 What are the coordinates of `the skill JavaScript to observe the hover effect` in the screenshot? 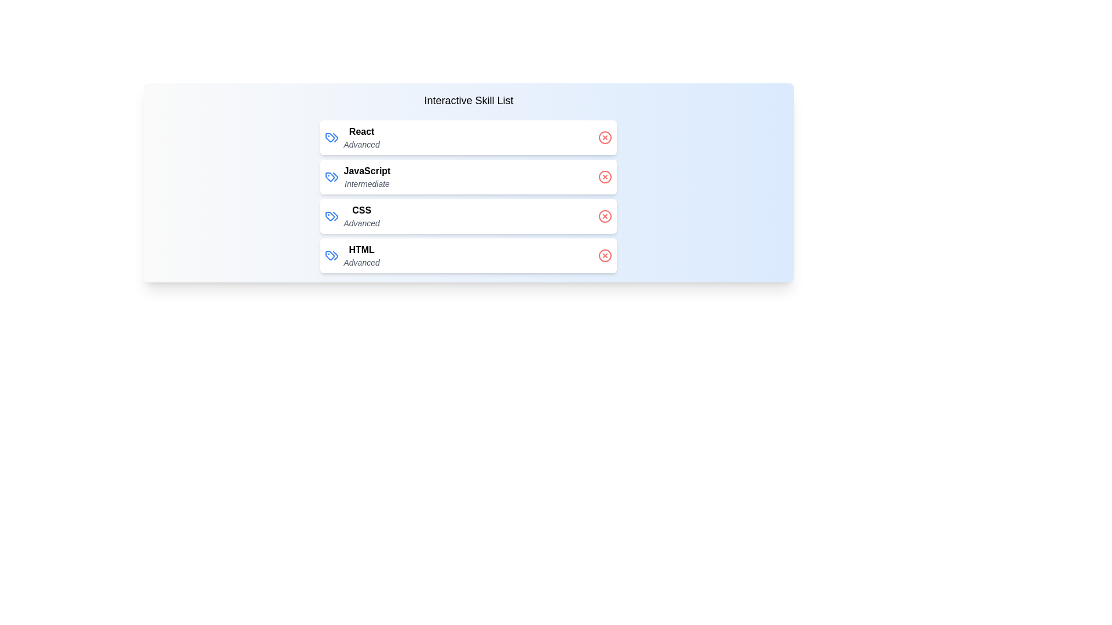 It's located at (469, 177).